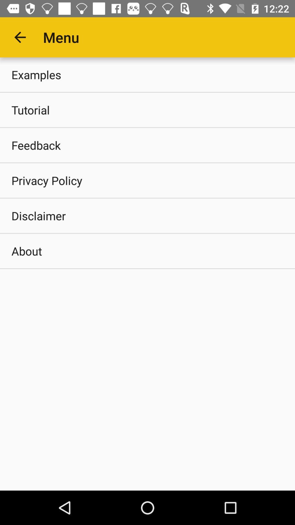  Describe the element at coordinates (147, 180) in the screenshot. I see `the privacy policy` at that location.